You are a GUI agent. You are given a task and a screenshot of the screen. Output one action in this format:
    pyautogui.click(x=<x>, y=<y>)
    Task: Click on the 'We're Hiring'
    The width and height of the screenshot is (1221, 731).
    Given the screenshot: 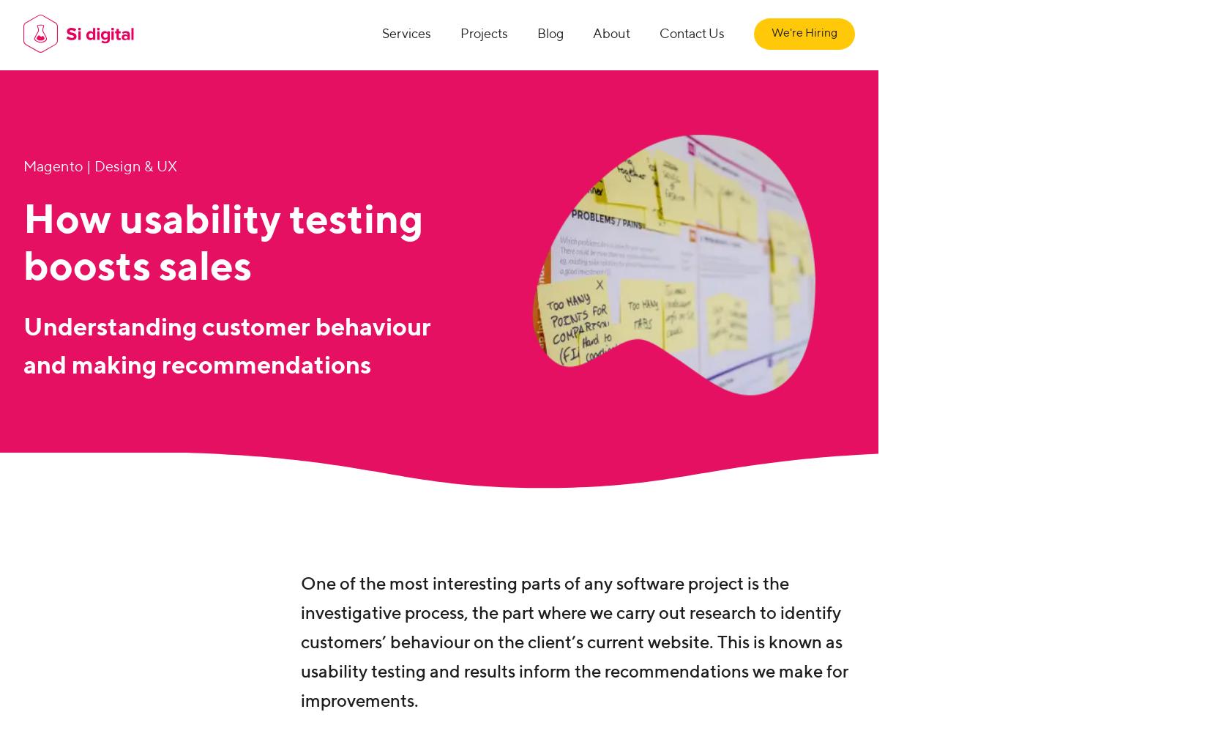 What is the action you would take?
    pyautogui.click(x=771, y=33)
    